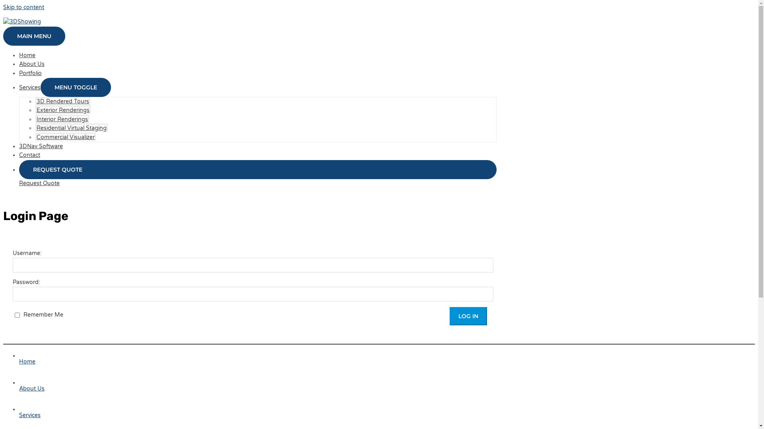 This screenshot has width=764, height=429. Describe the element at coordinates (39, 183) in the screenshot. I see `'Request Quote'` at that location.